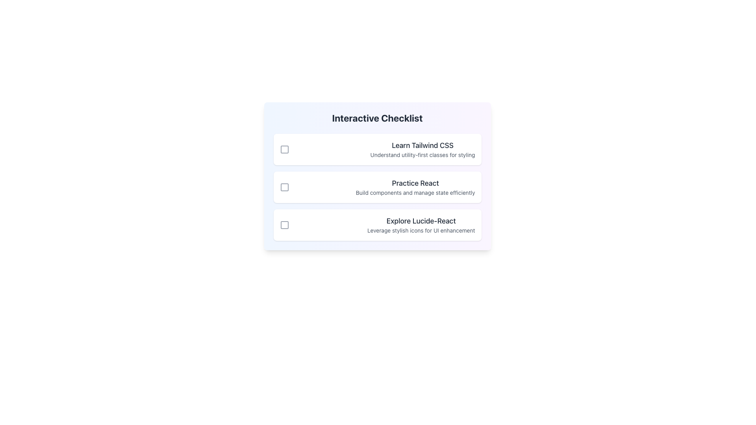 The image size is (756, 425). What do you see at coordinates (415, 183) in the screenshot?
I see `the text label element displaying 'Practice React', which is the second item in the checklist and is styled with bold, medium-sized, dark-gray font` at bounding box center [415, 183].